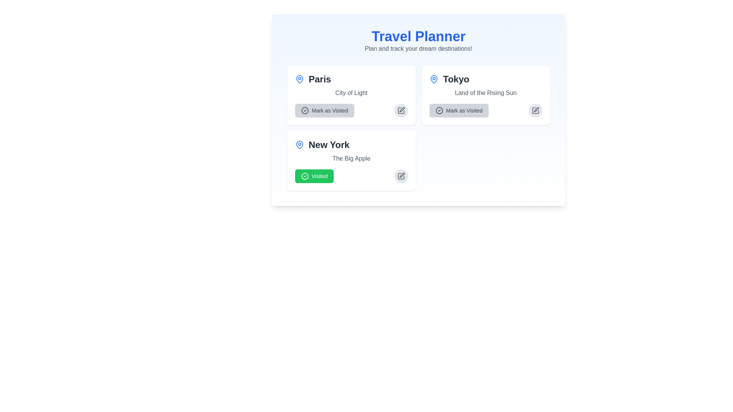 The image size is (733, 412). Describe the element at coordinates (535, 110) in the screenshot. I see `the editing icon (pen over a square) in the top-right corner of the 'Tokyo' card to initiate editing` at that location.